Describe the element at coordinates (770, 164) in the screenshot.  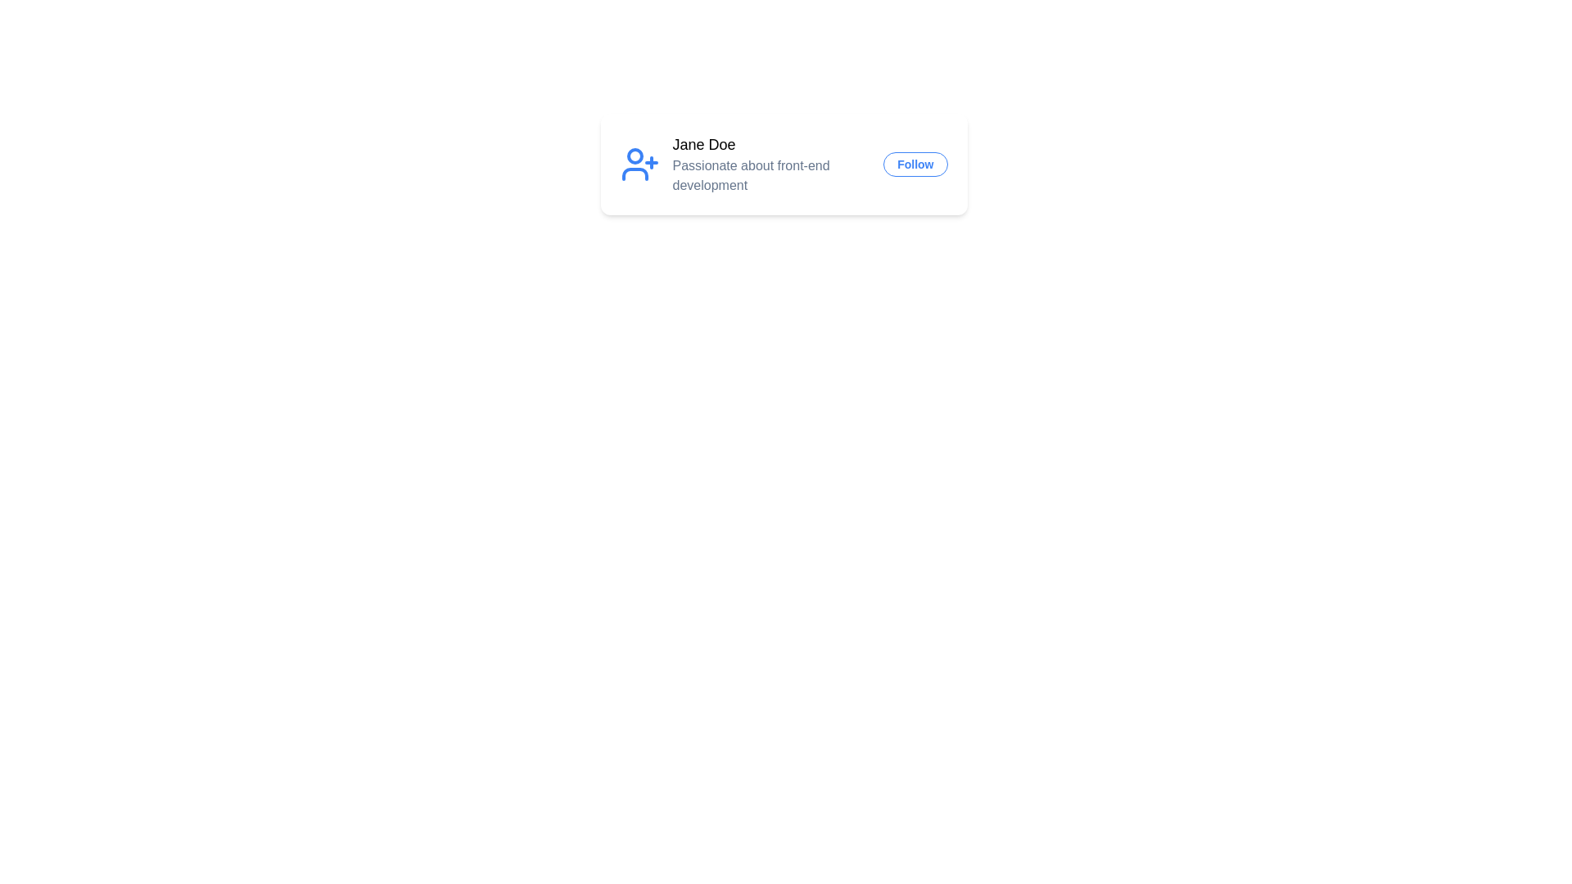
I see `text displayed in the informational text block located in the center of the user card, which is situated between the user icon and the 'Follow' button` at that location.